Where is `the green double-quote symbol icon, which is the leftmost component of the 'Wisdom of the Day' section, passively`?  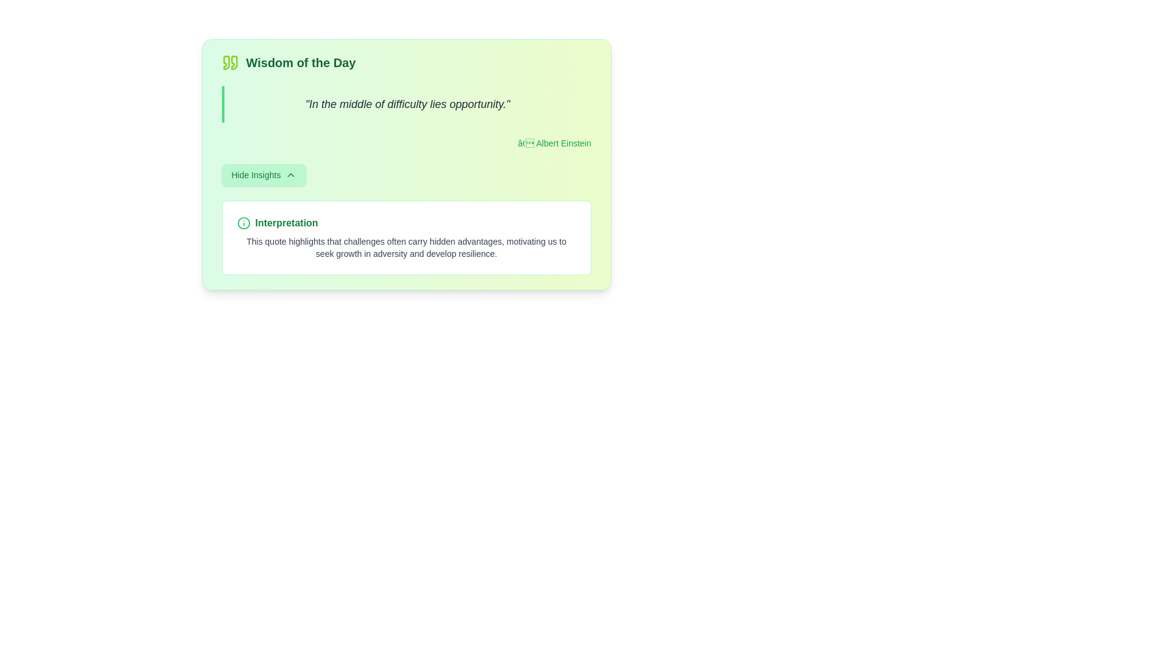
the green double-quote symbol icon, which is the leftmost component of the 'Wisdom of the Day' section, passively is located at coordinates (230, 63).